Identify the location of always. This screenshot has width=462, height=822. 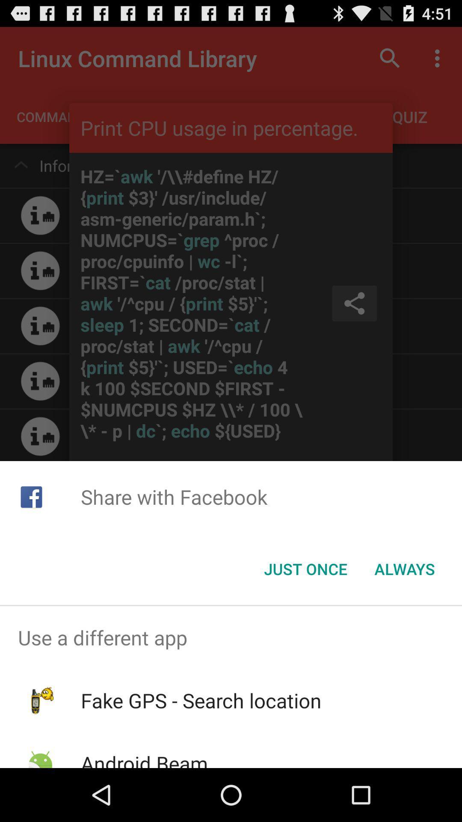
(404, 569).